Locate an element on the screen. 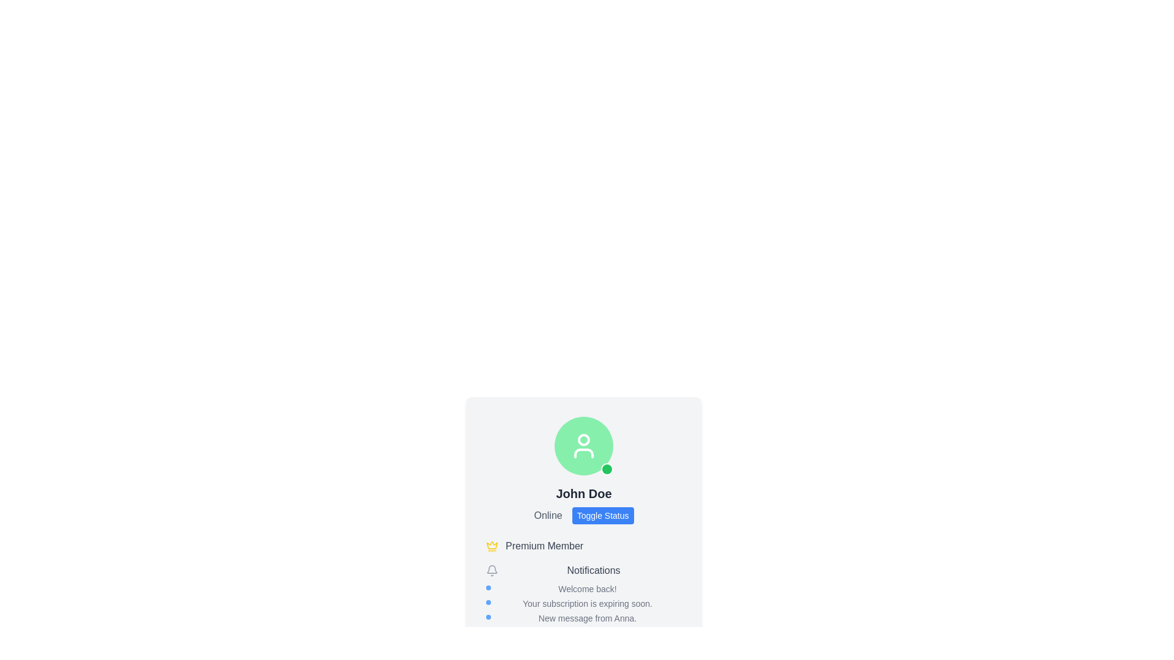  the small circular badge with a green background and white border located in the bottom-right corner of the user profile component is located at coordinates (607, 468).